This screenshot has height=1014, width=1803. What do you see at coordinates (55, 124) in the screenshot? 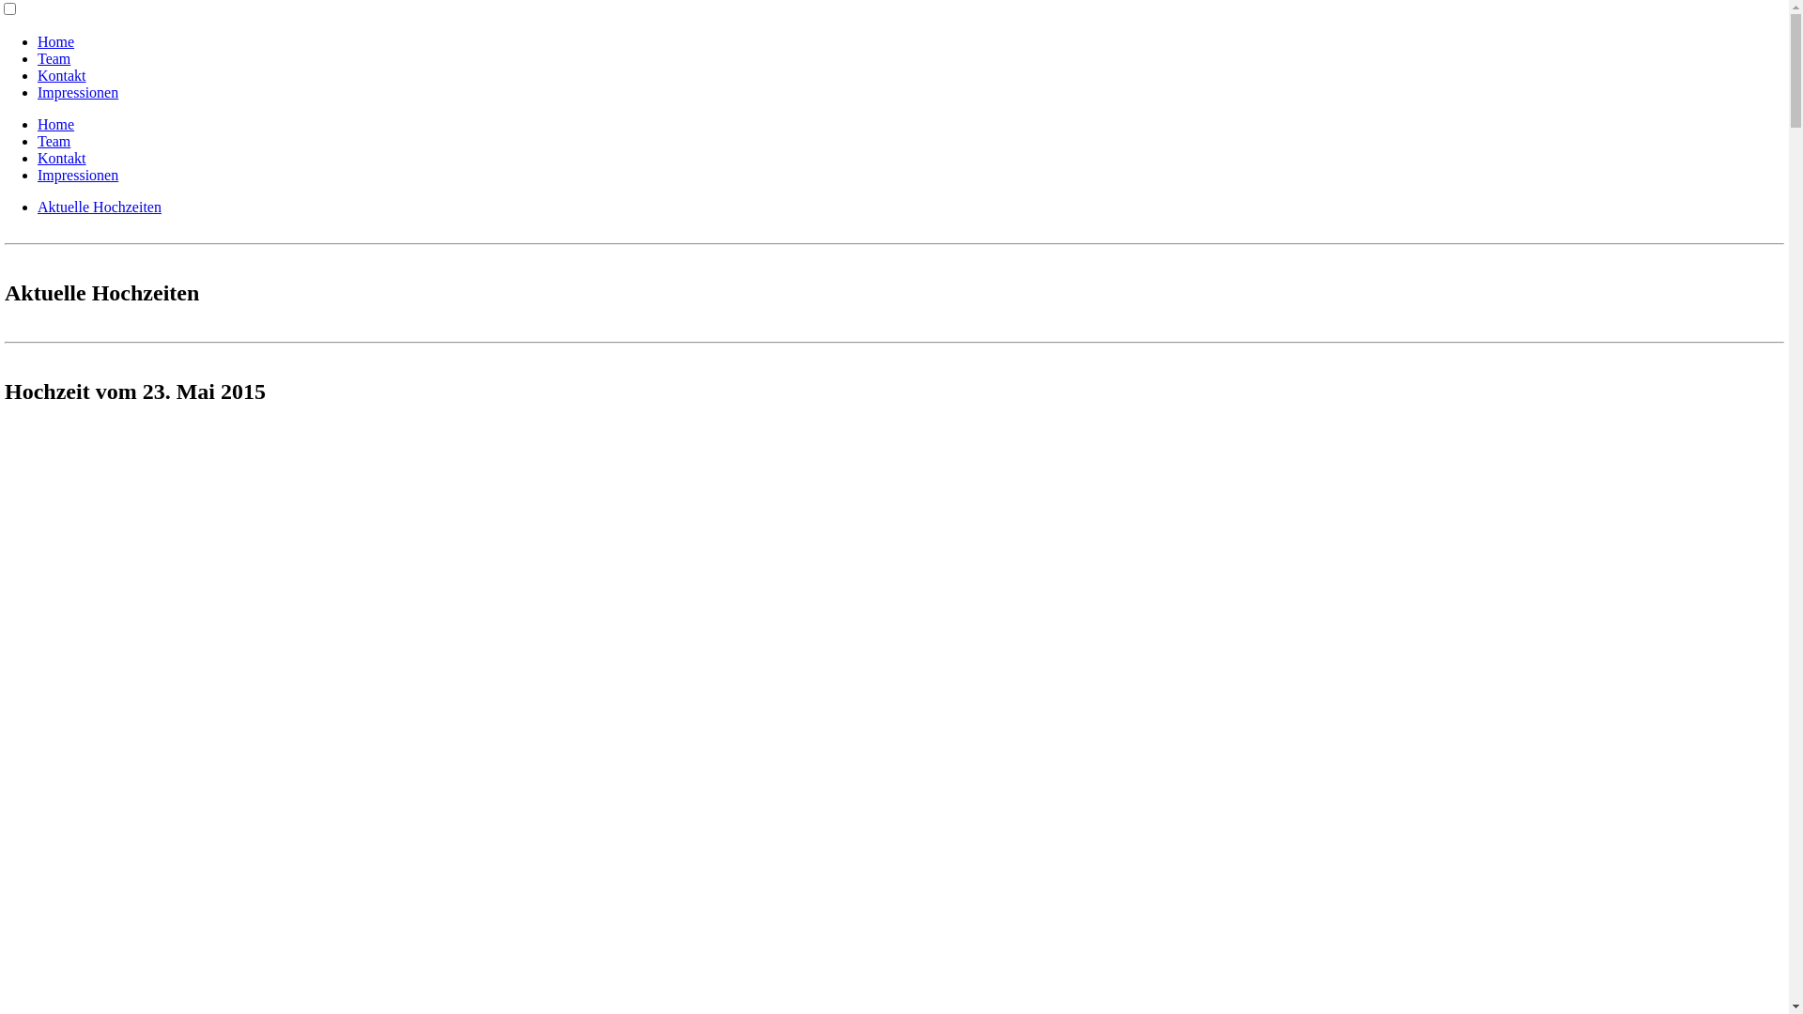
I see `'Home'` at bounding box center [55, 124].